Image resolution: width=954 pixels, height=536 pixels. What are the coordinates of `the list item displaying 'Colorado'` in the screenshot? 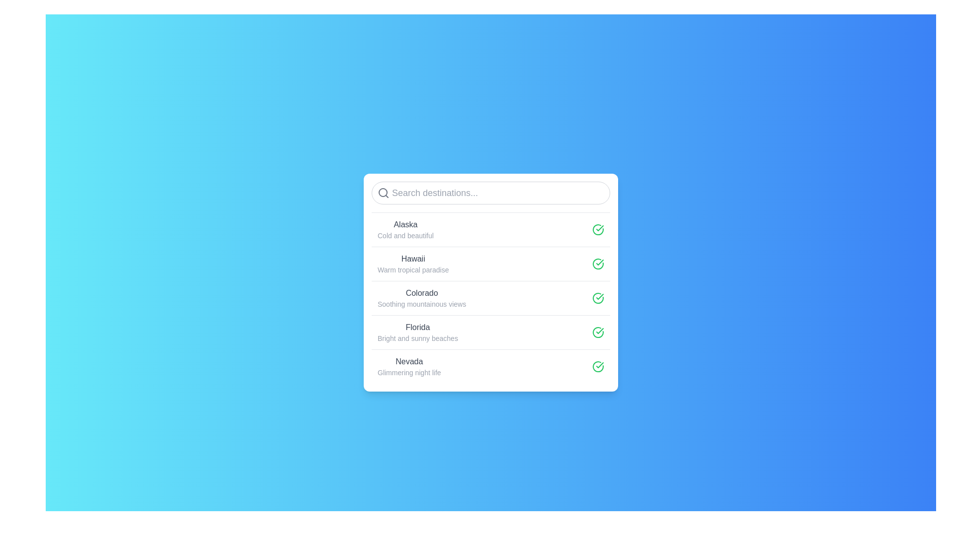 It's located at (491, 297).